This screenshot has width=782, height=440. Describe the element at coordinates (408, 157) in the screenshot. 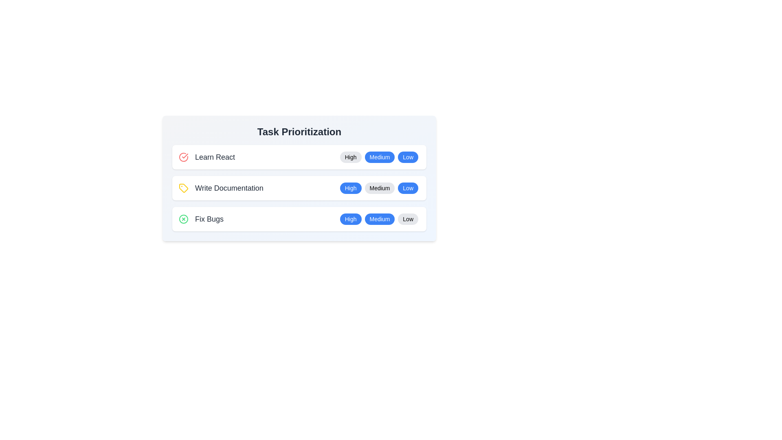

I see `the priority Low for the task Learn React` at that location.